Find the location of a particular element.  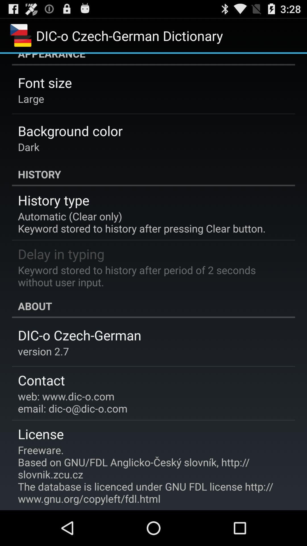

font size item is located at coordinates (44, 82).